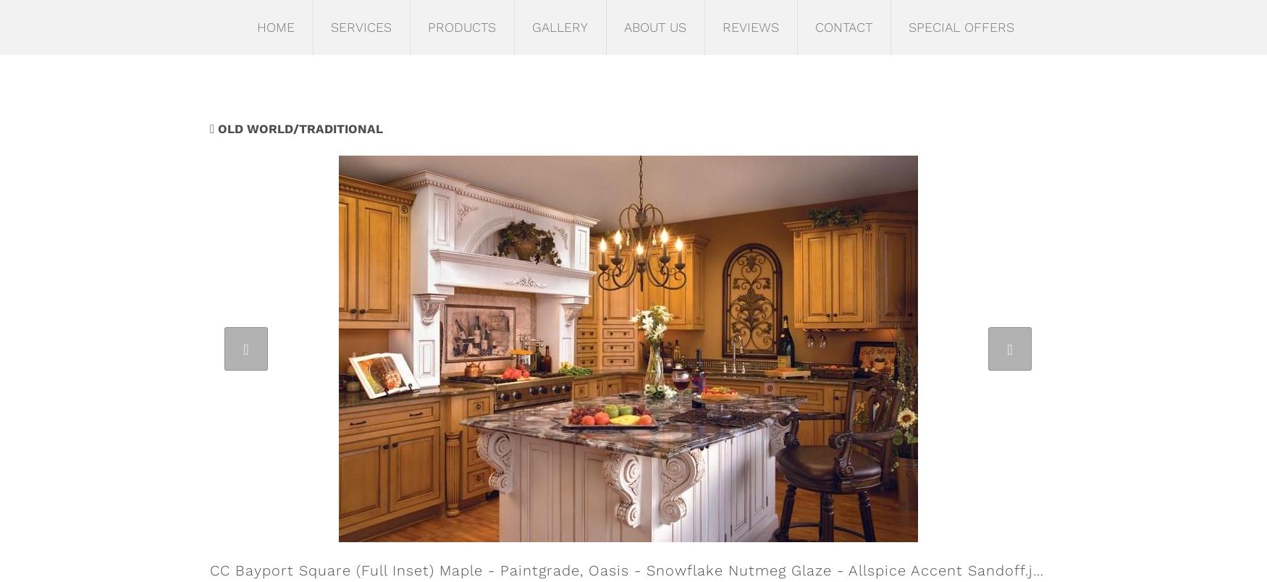 Image resolution: width=1267 pixels, height=582 pixels. Describe the element at coordinates (452, 67) in the screenshot. I see `'Cabinetry'` at that location.